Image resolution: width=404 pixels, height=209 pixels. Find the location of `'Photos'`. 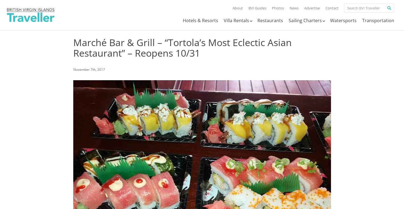

'Photos' is located at coordinates (278, 8).